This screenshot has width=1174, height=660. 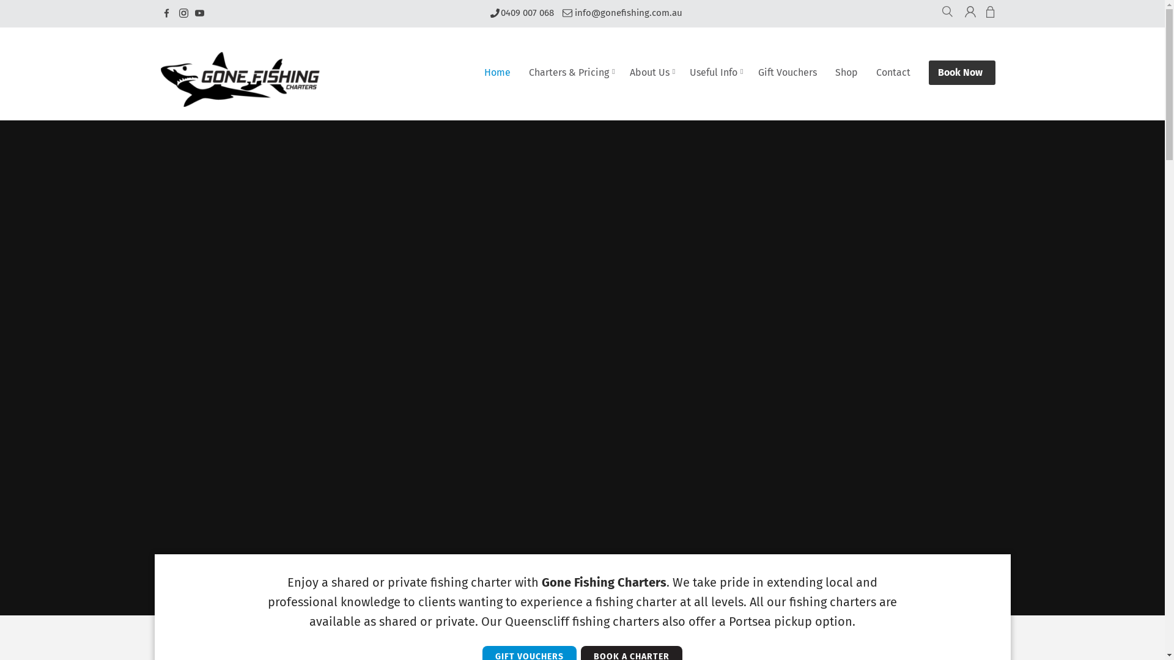 What do you see at coordinates (961, 73) in the screenshot?
I see `'Book Now'` at bounding box center [961, 73].